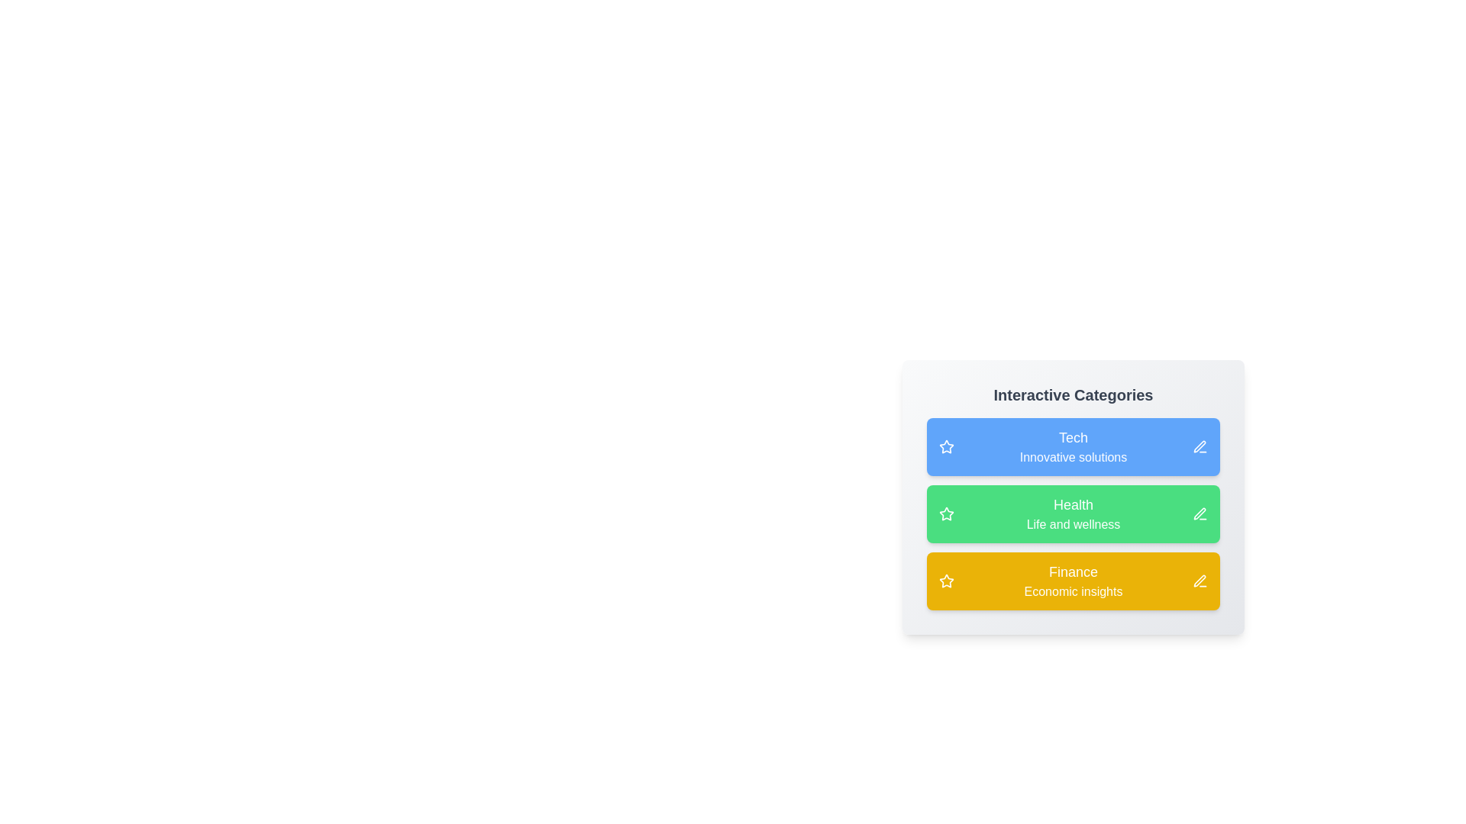  What do you see at coordinates (1073, 514) in the screenshot?
I see `the category Health to toggle its active state` at bounding box center [1073, 514].